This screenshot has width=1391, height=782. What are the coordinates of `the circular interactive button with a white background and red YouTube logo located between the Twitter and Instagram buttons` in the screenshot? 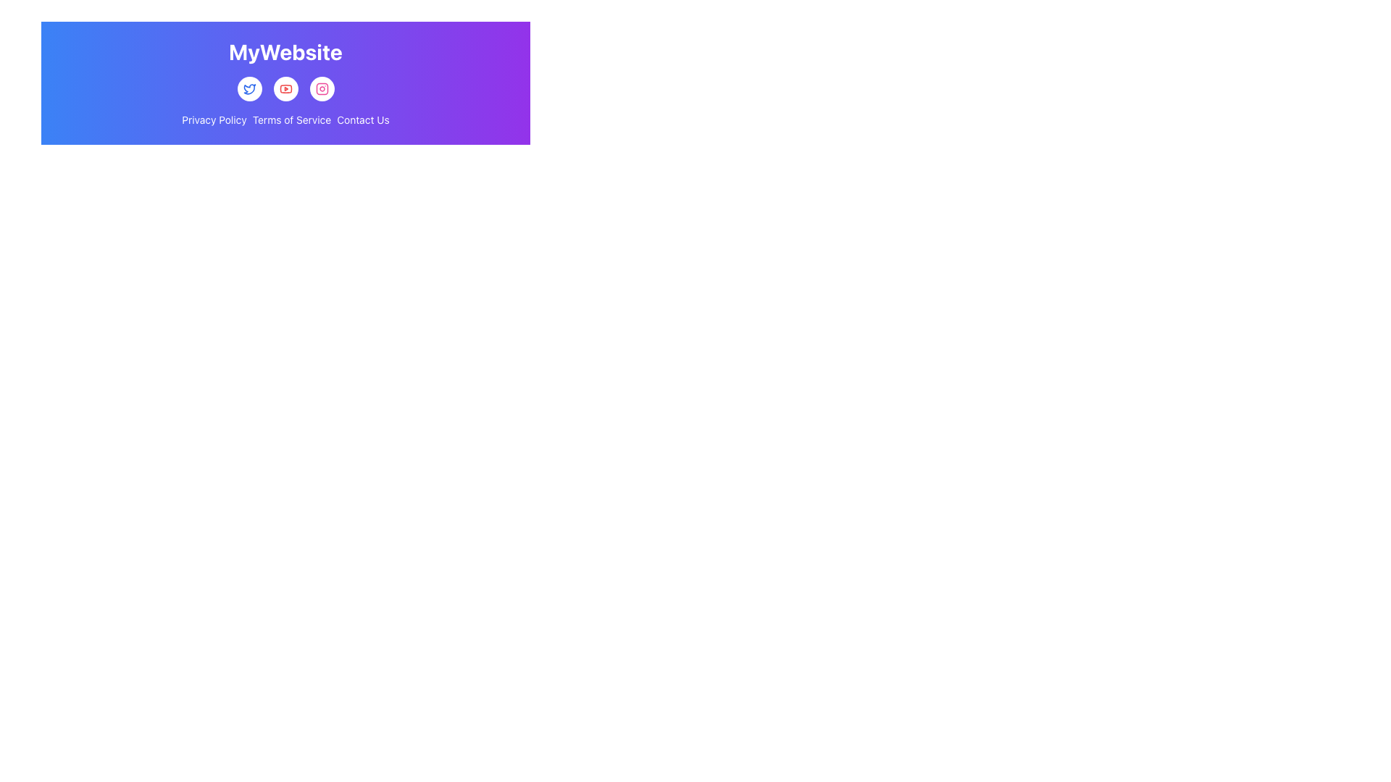 It's located at (285, 89).